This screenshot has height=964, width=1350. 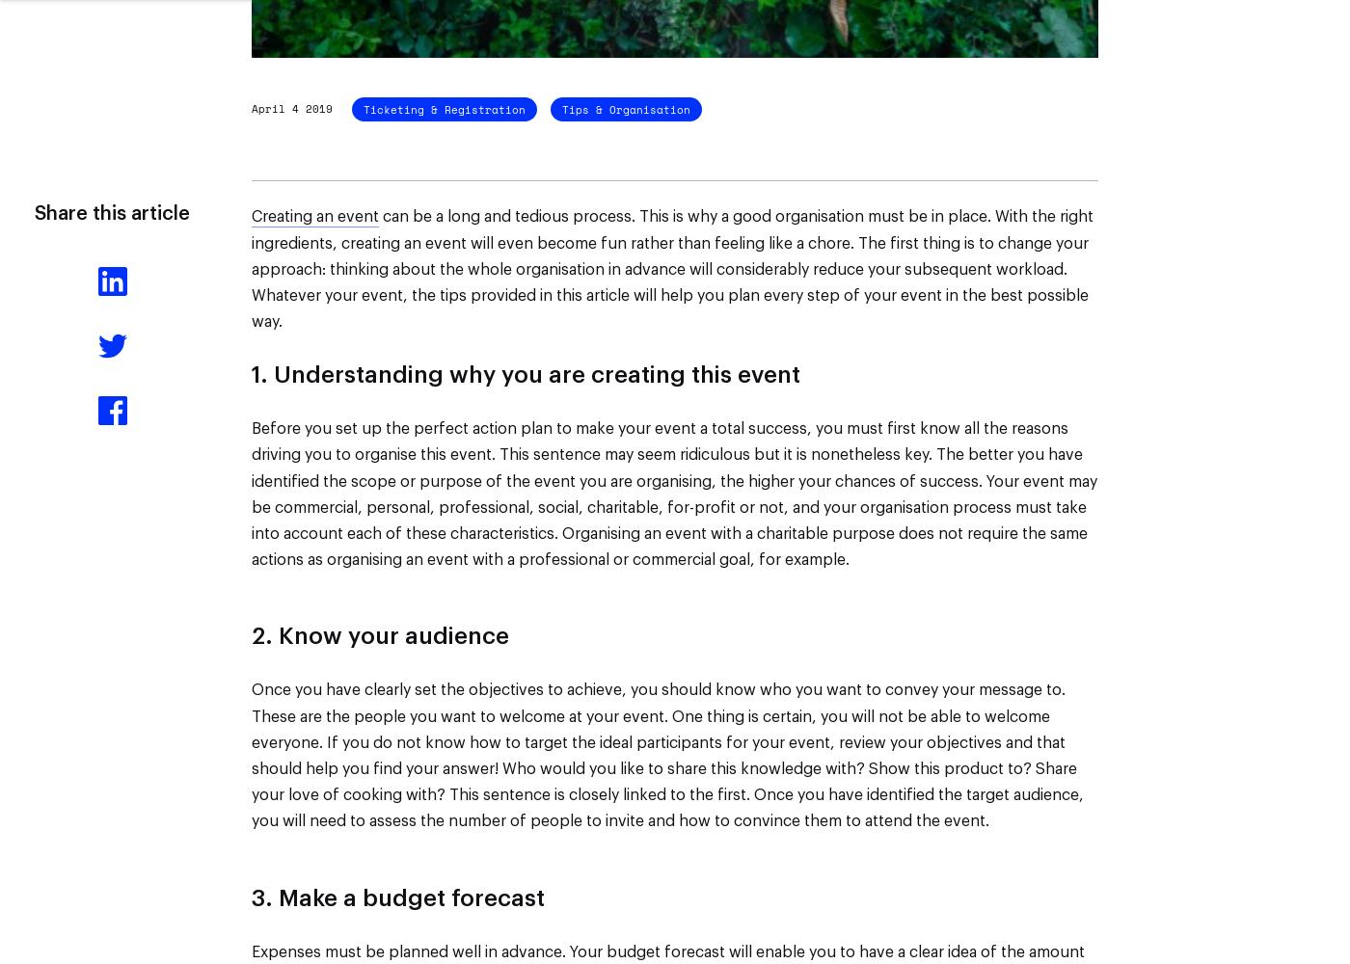 I want to click on '3. Make a budget forecast', so click(x=398, y=898).